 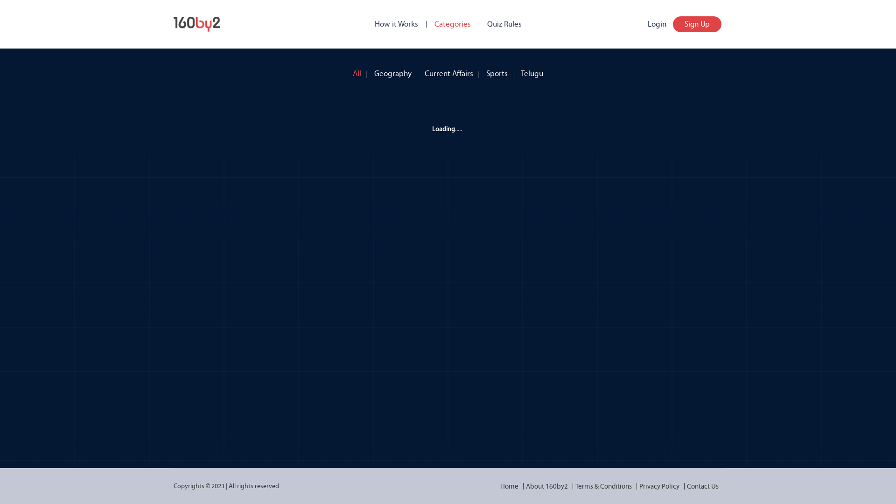 I want to click on 'Privacy Policy', so click(x=658, y=485).